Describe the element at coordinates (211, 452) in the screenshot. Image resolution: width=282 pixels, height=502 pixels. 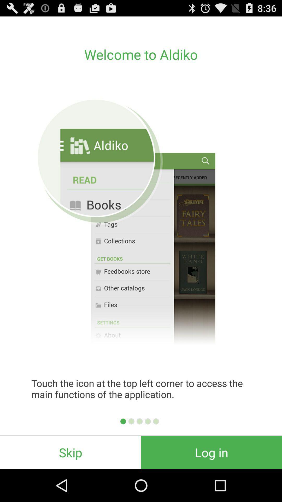
I see `item next to the skip` at that location.